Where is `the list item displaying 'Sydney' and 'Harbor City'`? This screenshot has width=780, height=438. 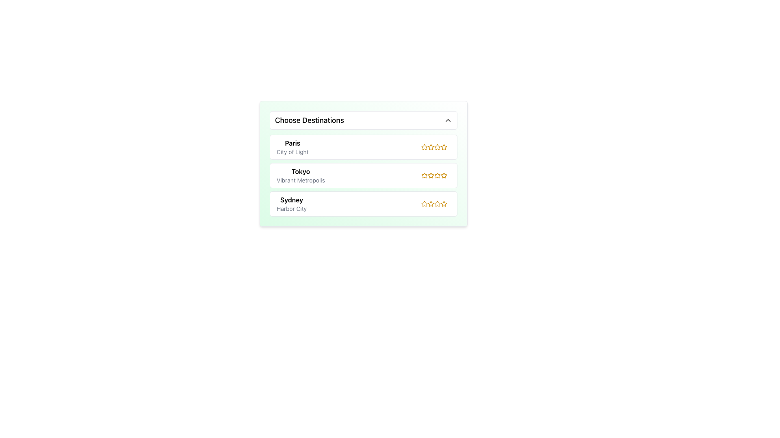
the list item displaying 'Sydney' and 'Harbor City' is located at coordinates (292, 203).